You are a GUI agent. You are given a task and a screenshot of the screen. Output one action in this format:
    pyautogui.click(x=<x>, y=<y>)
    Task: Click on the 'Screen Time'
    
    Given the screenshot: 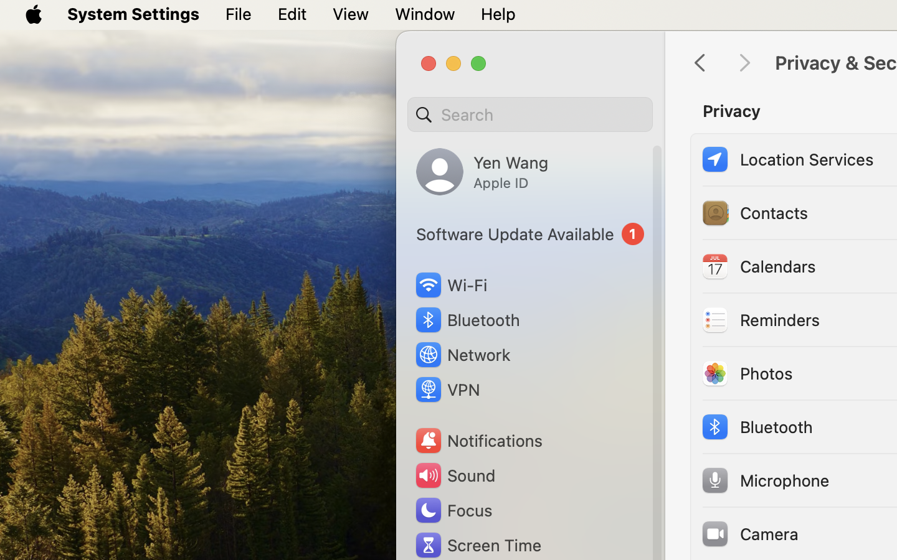 What is the action you would take?
    pyautogui.click(x=477, y=544)
    